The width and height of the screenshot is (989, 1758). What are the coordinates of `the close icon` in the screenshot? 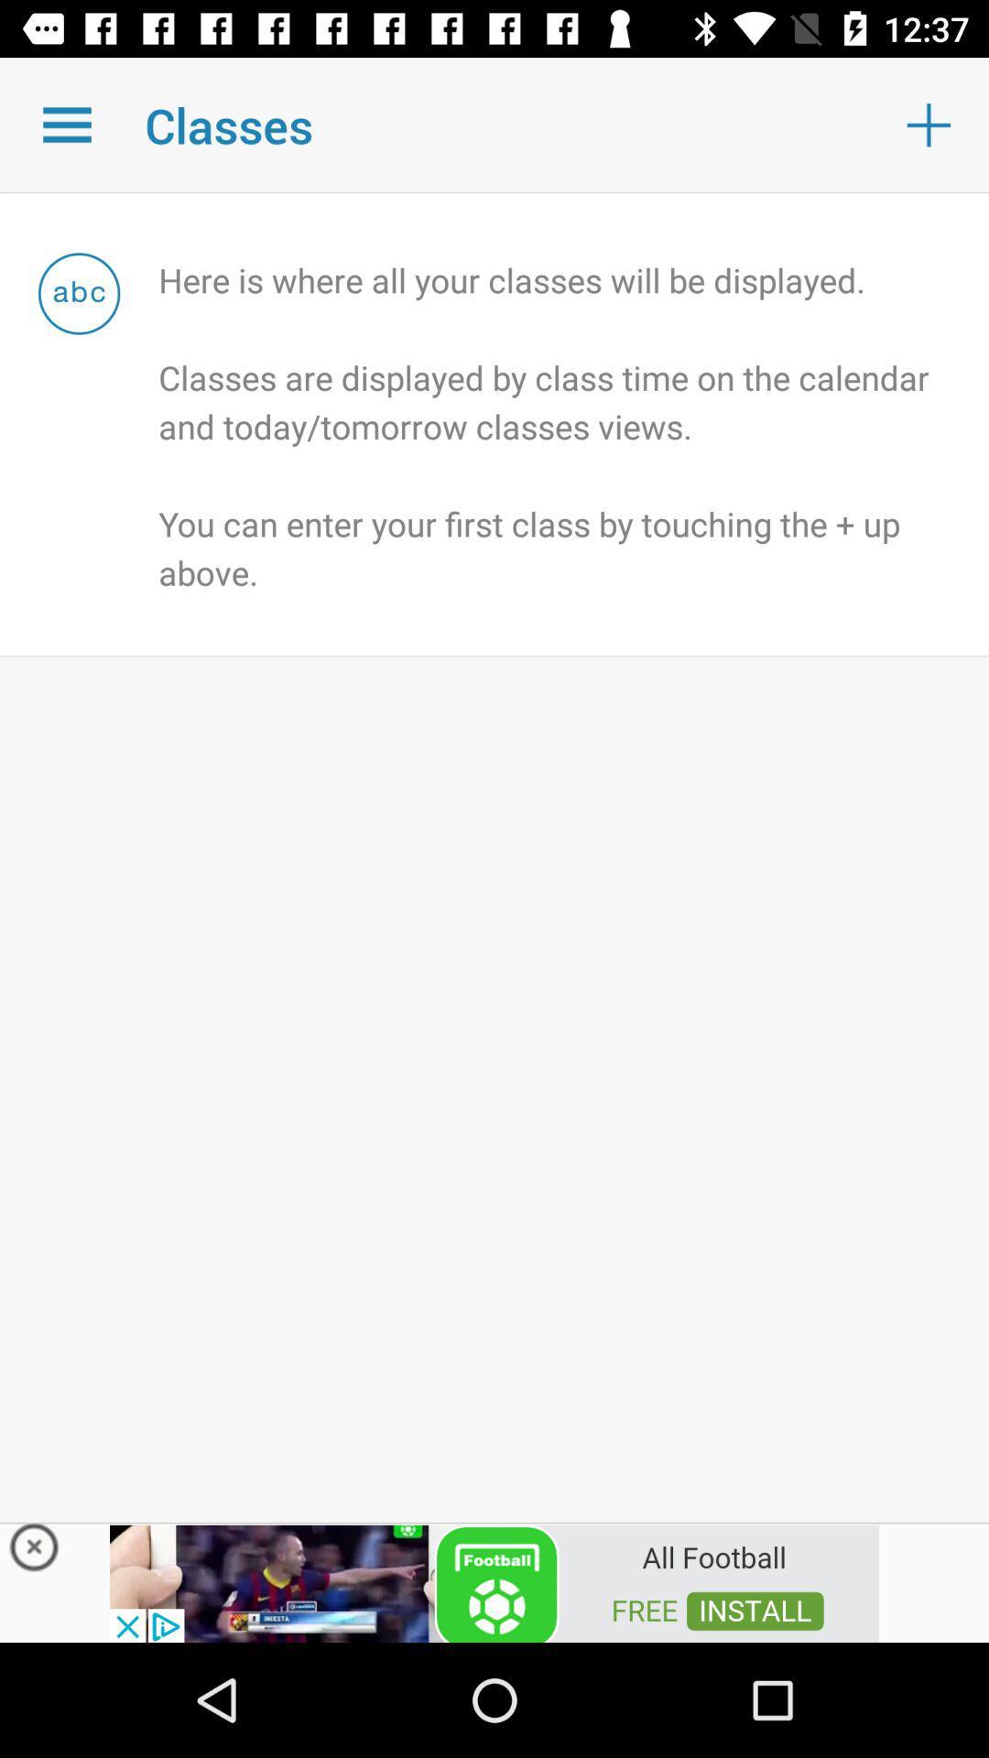 It's located at (34, 1551).